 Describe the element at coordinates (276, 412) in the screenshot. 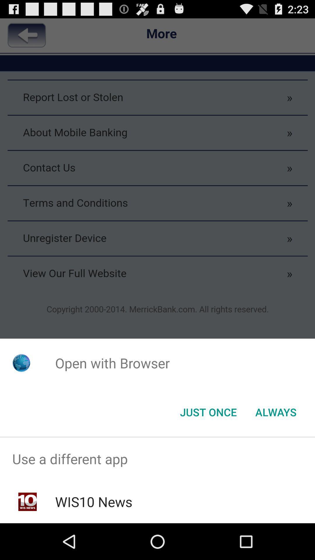

I see `button next to the just once button` at that location.